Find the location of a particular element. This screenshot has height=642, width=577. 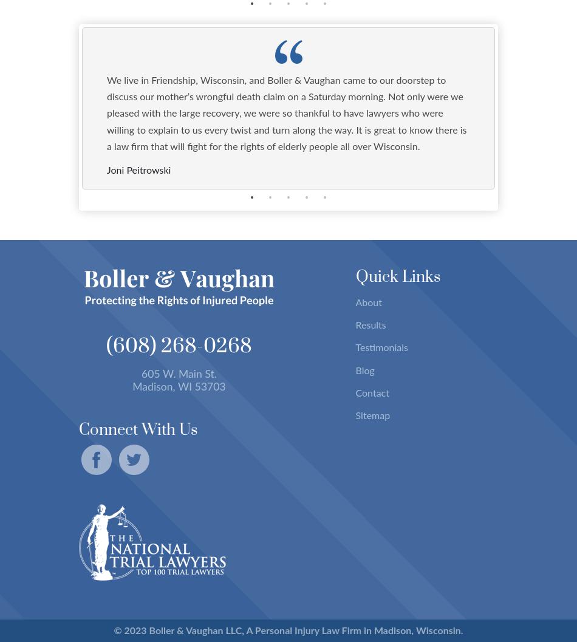

'© 2023 Boller & Vaughan LLC, A Personal Injury Law Firm in Madison, Wisconsin.' is located at coordinates (113, 629).